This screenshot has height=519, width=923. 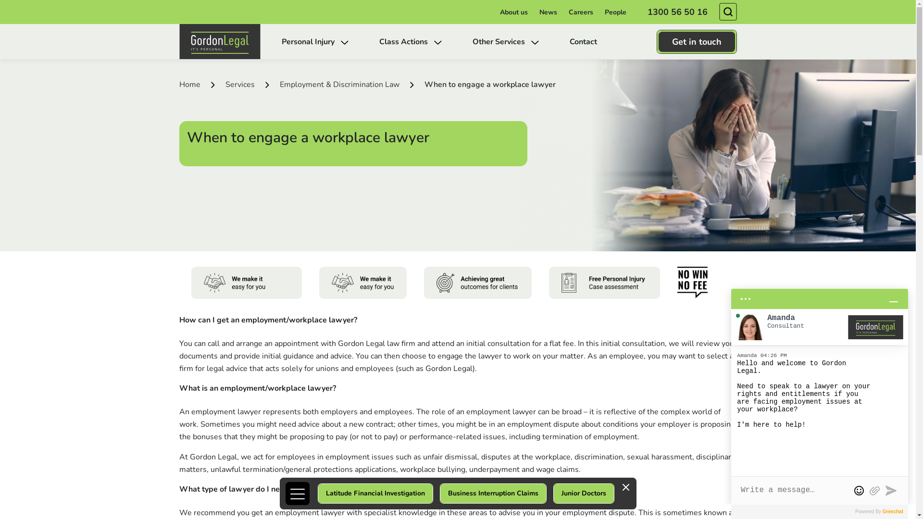 What do you see at coordinates (179, 84) in the screenshot?
I see `'Home'` at bounding box center [179, 84].